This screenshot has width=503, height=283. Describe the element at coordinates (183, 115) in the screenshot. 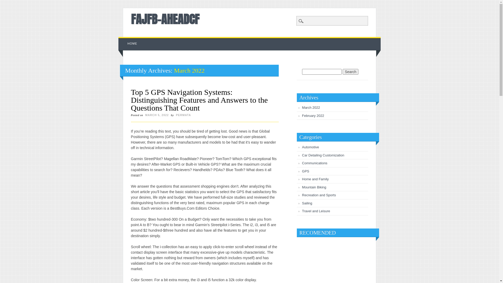

I see `'PERMATA'` at that location.